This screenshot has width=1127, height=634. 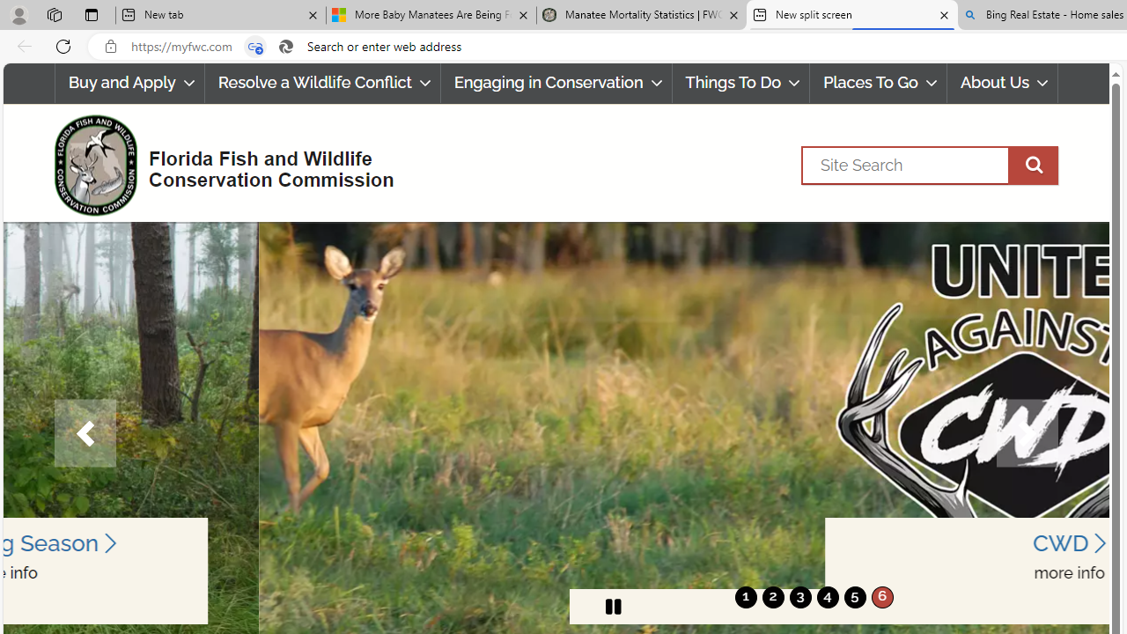 I want to click on 'slider pause button', so click(x=613, y=606).